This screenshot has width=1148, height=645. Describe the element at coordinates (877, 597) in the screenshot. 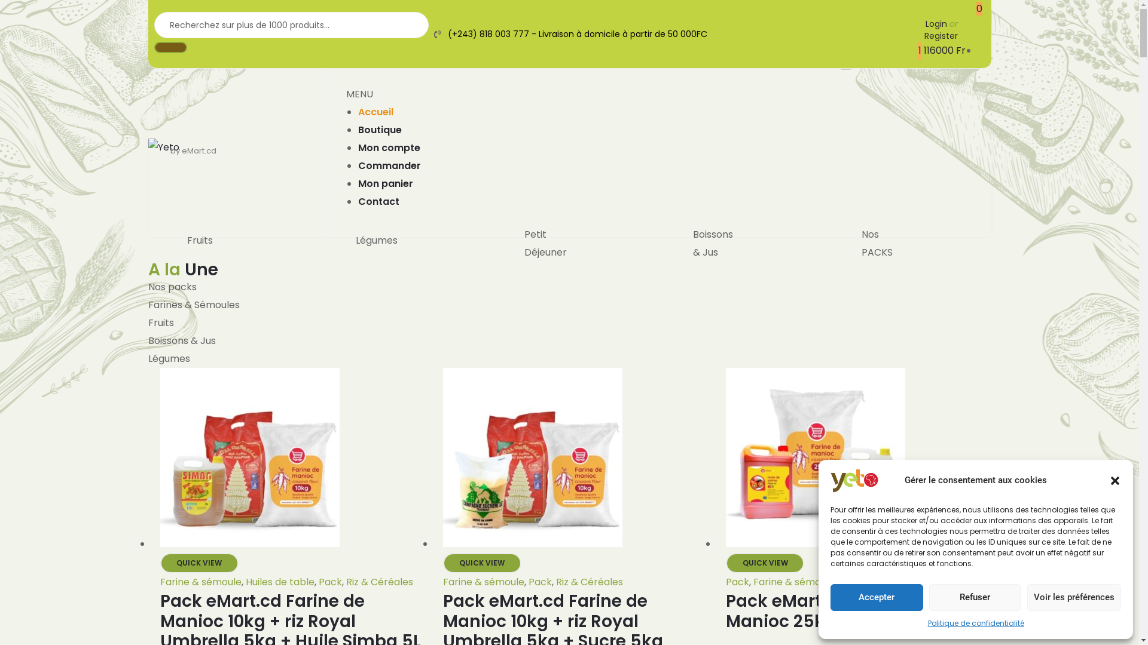

I see `'Accepter'` at that location.